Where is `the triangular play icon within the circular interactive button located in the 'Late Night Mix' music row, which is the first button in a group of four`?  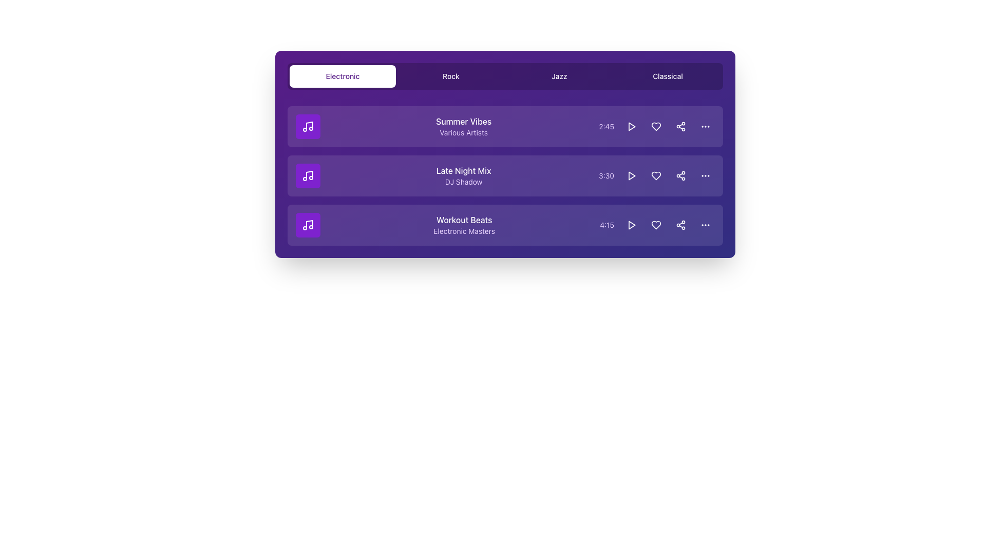 the triangular play icon within the circular interactive button located in the 'Late Night Mix' music row, which is the first button in a group of four is located at coordinates (631, 175).